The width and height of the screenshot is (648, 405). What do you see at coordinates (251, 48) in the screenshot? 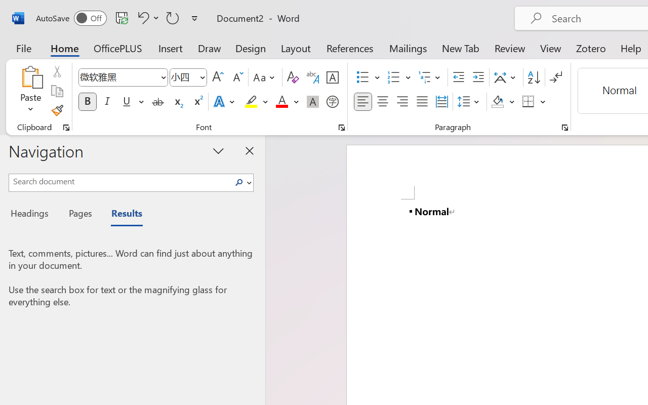
I see `'Design'` at bounding box center [251, 48].